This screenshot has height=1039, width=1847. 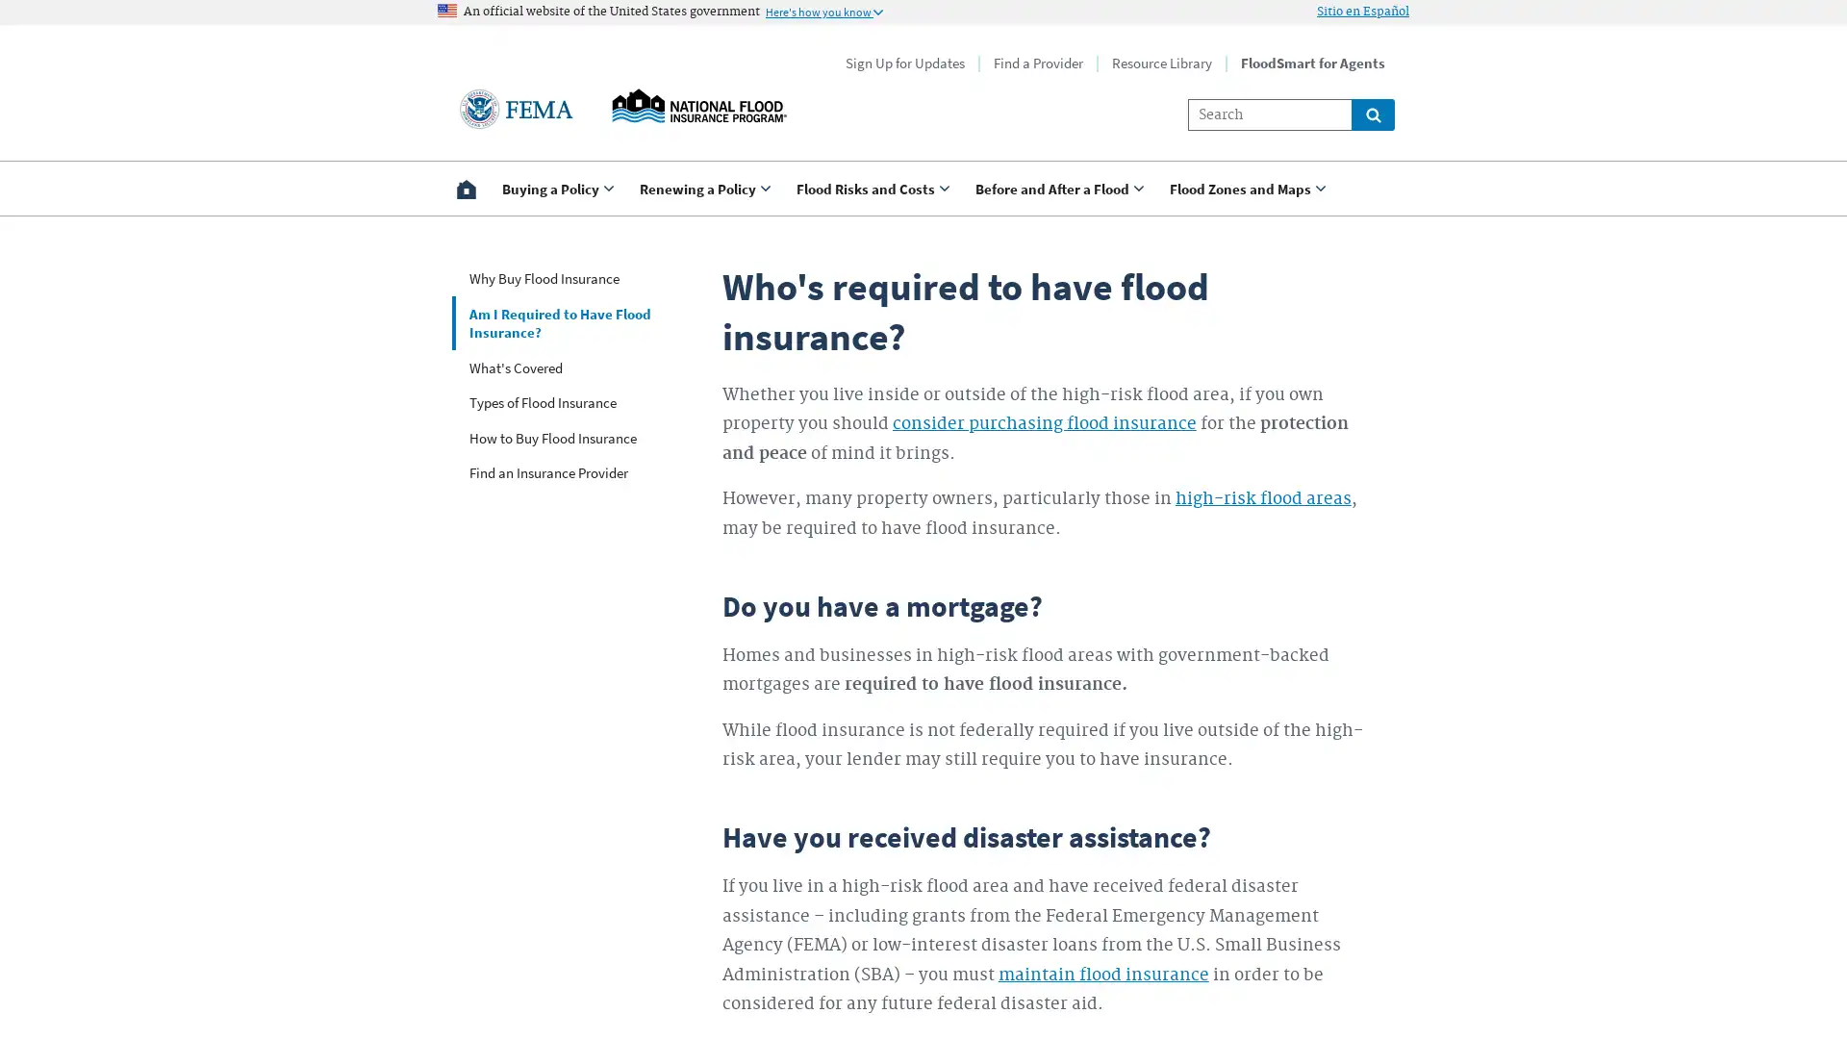 I want to click on Use <enter> and shift + <enter> to open and close the drop down to sub-menus, so click(x=875, y=188).